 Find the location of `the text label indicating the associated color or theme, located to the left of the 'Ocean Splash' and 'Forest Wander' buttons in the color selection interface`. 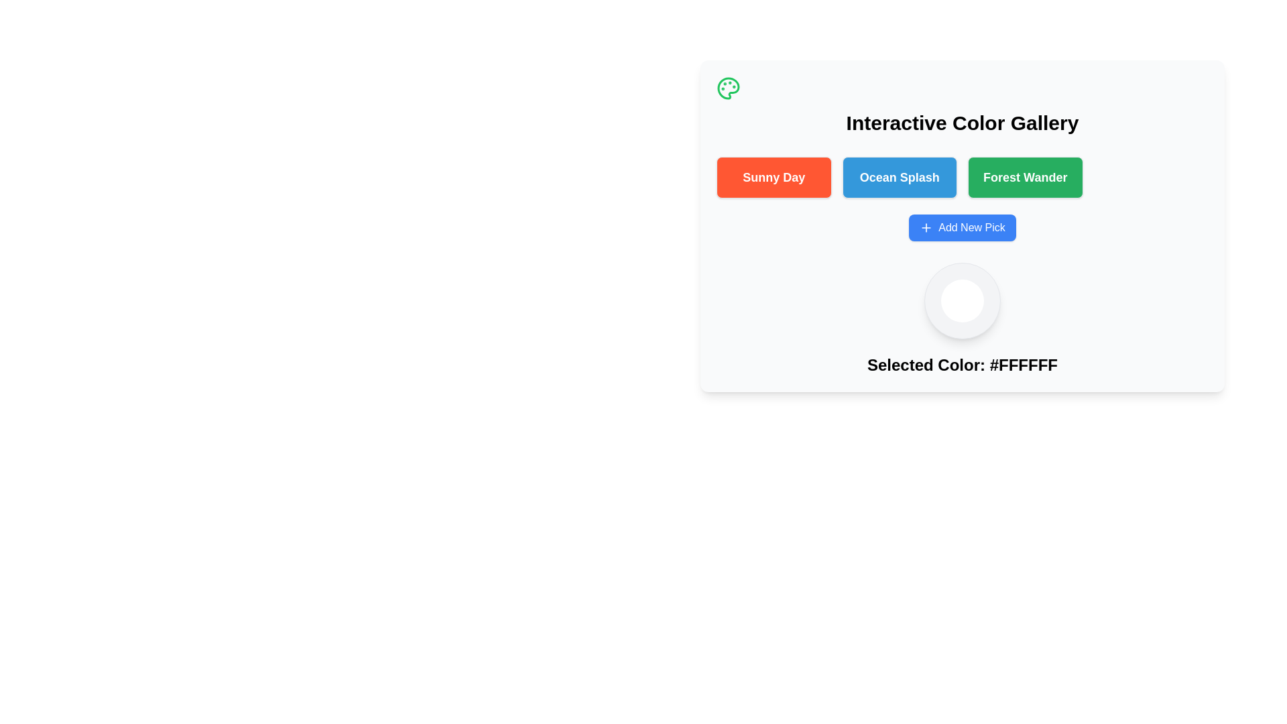

the text label indicating the associated color or theme, located to the left of the 'Ocean Splash' and 'Forest Wander' buttons in the color selection interface is located at coordinates (774, 177).